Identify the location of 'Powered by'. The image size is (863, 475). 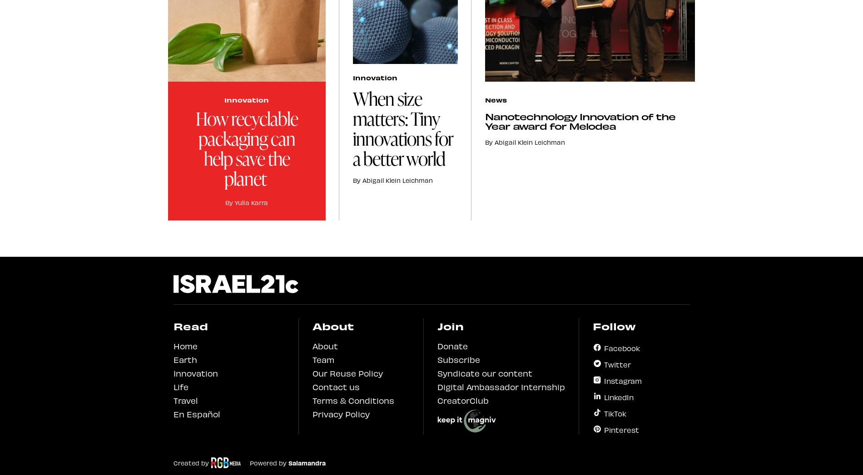
(268, 462).